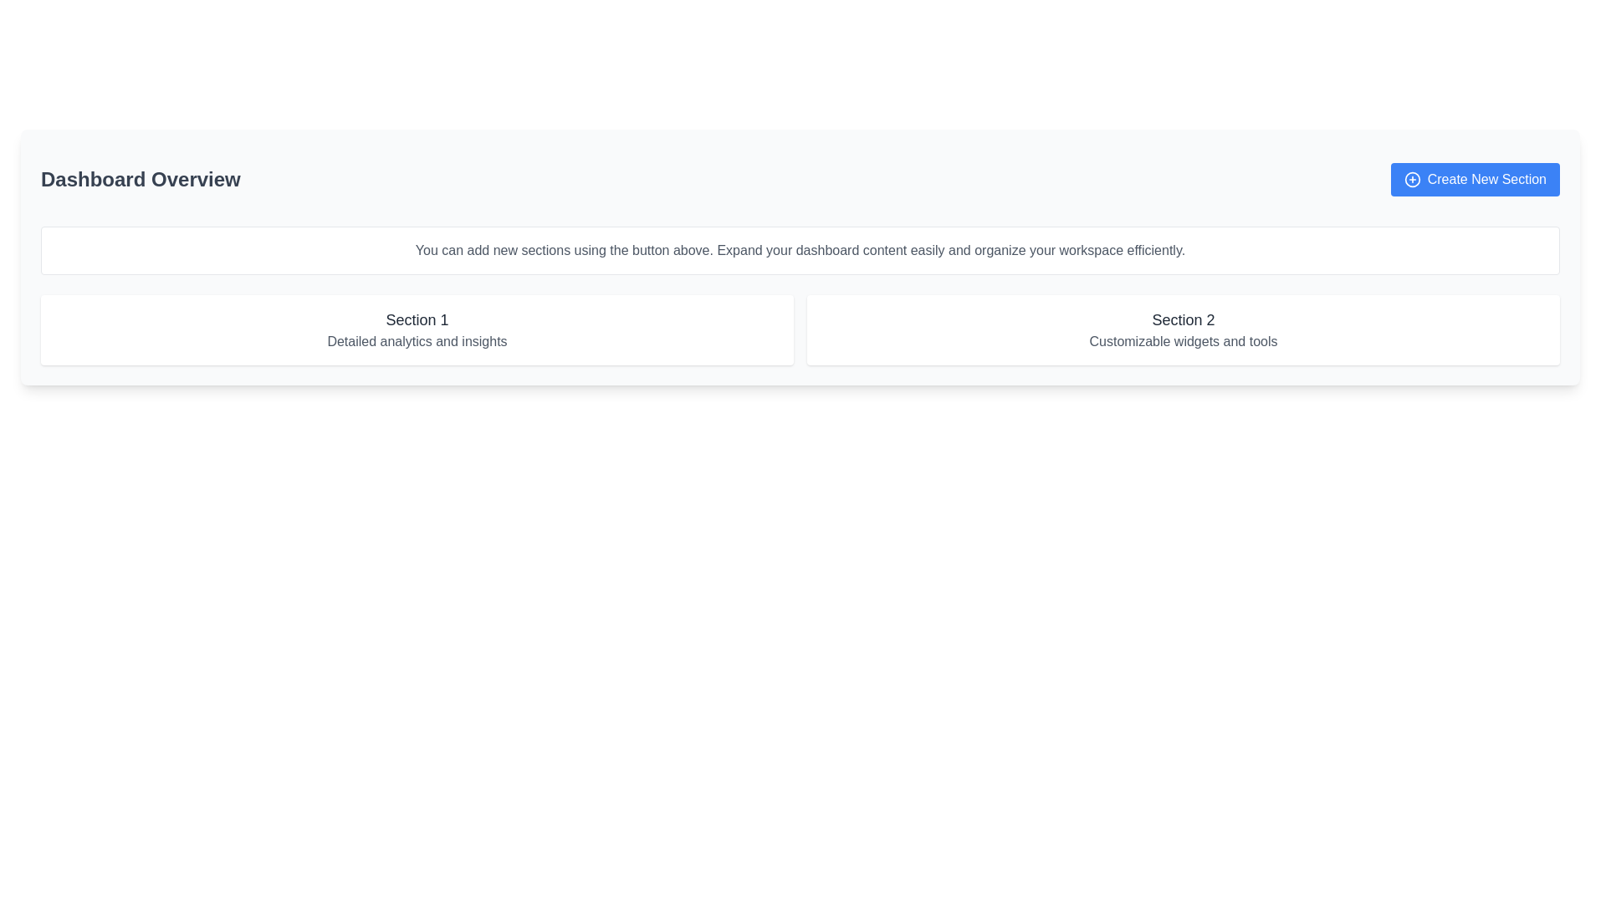 The width and height of the screenshot is (1606, 903). Describe the element at coordinates (1411, 180) in the screenshot. I see `the circular boundary of the 'Create New Section' button's icon located at the top-right corner of the interface` at that location.